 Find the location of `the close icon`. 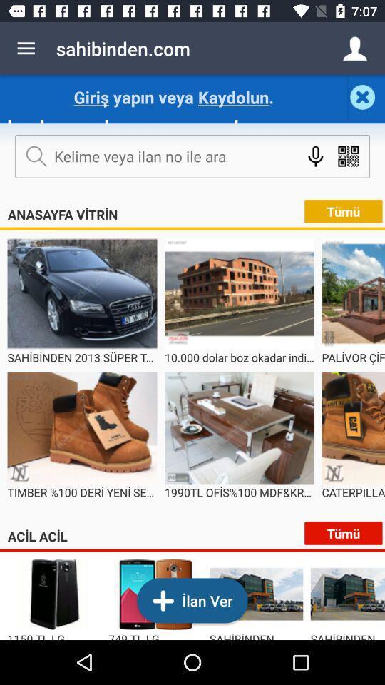

the close icon is located at coordinates (366, 96).